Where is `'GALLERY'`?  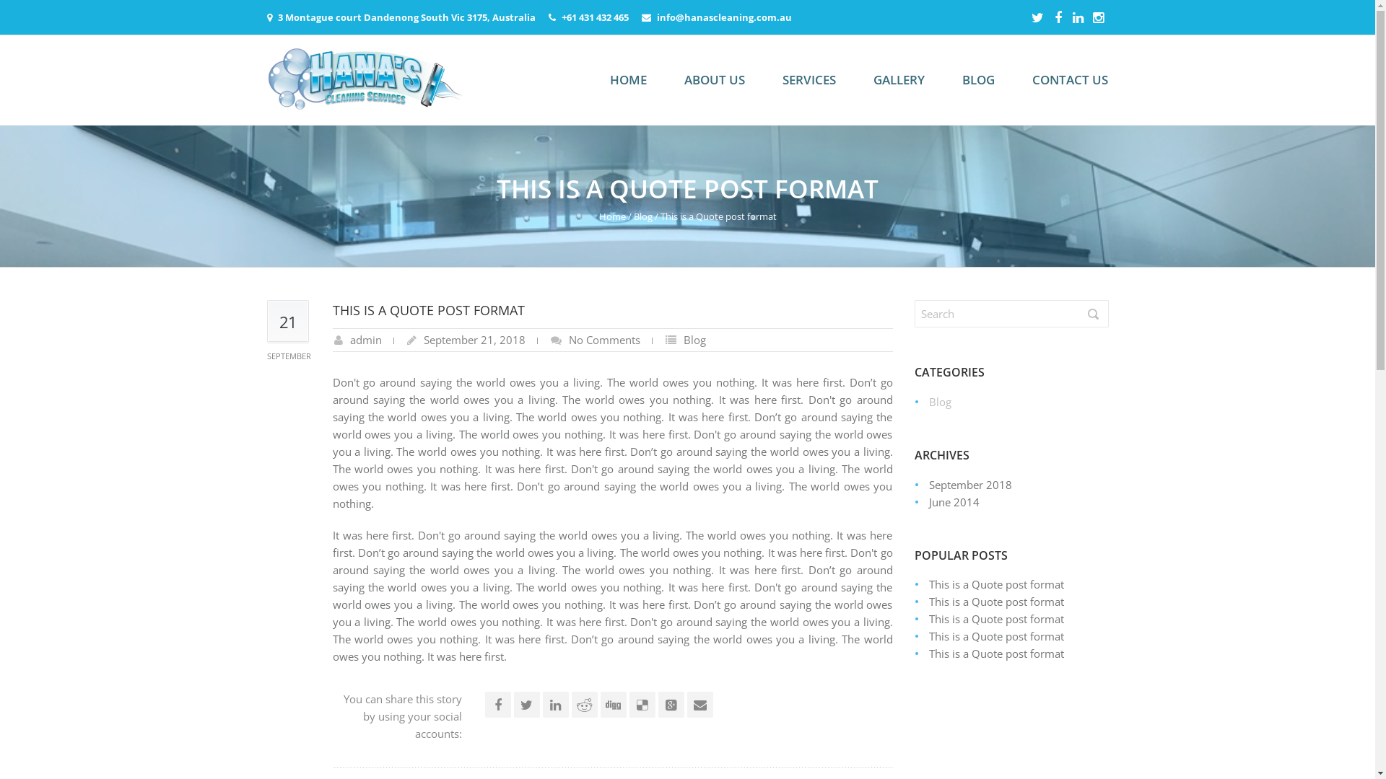
'GALLERY' is located at coordinates (897, 79).